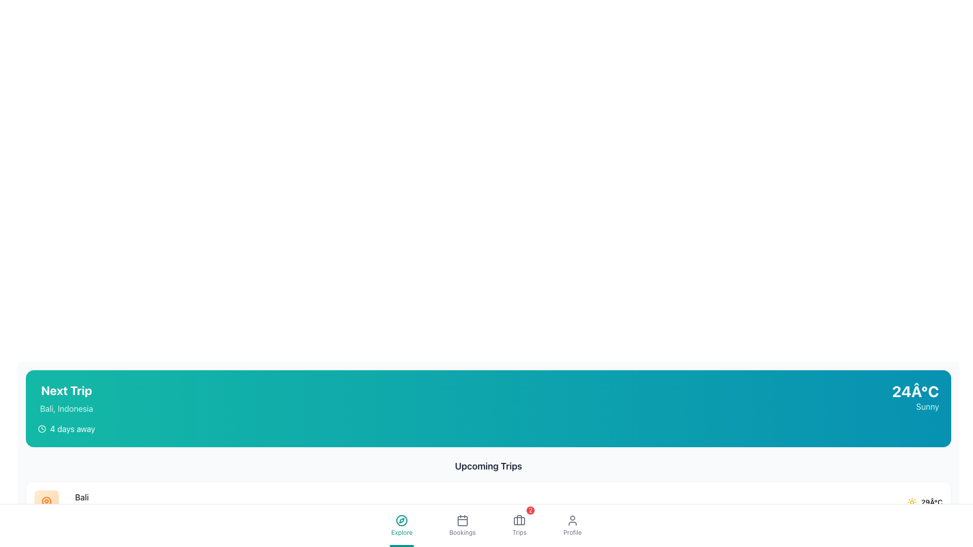  What do you see at coordinates (915, 406) in the screenshot?
I see `text label indicating the current weather status (Sunny) located in the top-right corner of the interface, under the text '24°C'` at bounding box center [915, 406].